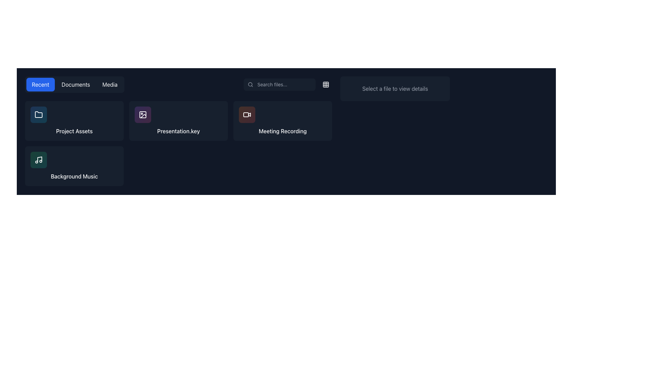 Image resolution: width=658 pixels, height=370 pixels. I want to click on the text label that displays 'Background Music', which is styled in white font against a dark background, located in the lower-left area of the layout below a music icon, so click(74, 176).